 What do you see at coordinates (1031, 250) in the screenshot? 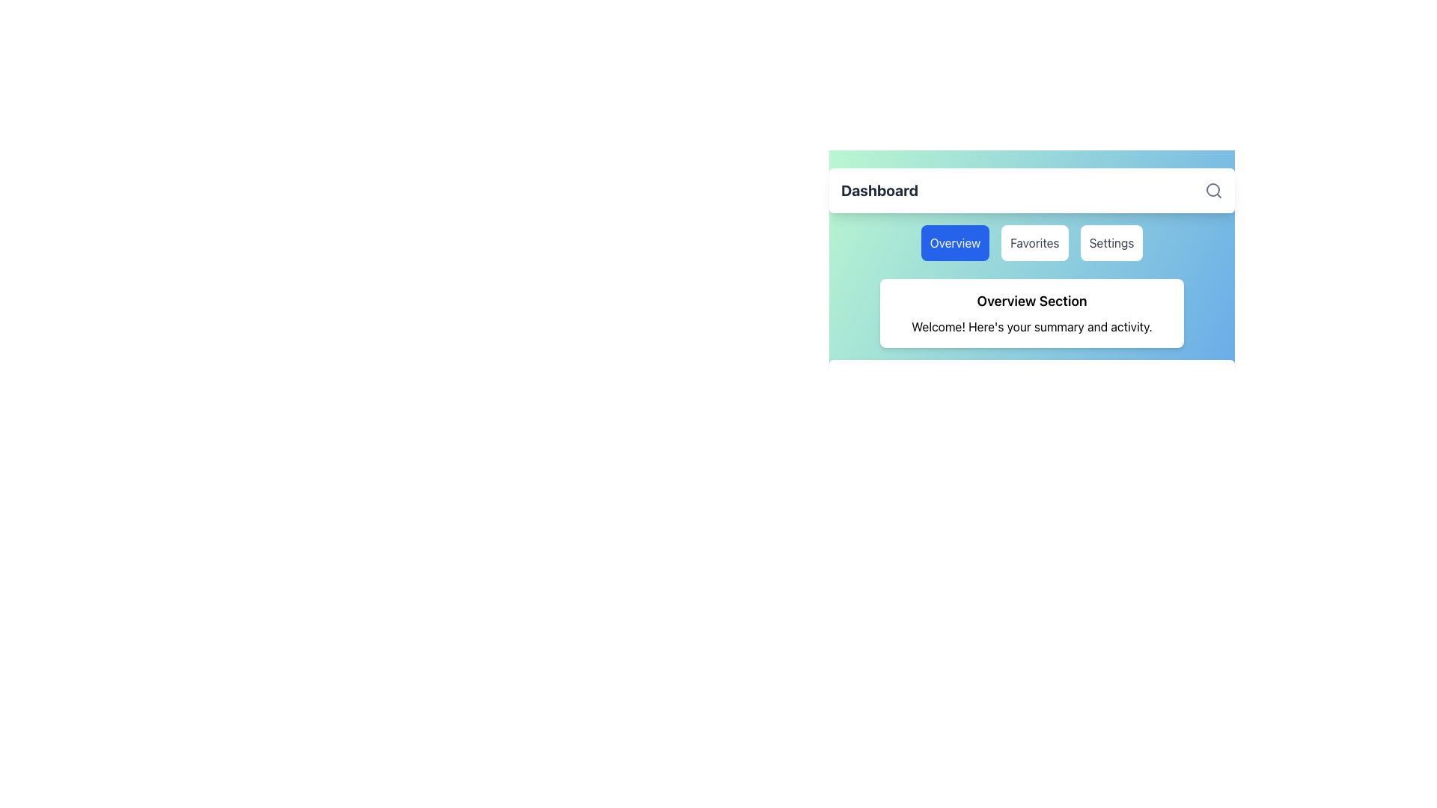
I see `the 'Favorites' button, which is a rounded rectangular button with gray text and a white background, located between the 'Overview' and 'Settings' buttons in the Dashboard section` at bounding box center [1031, 250].